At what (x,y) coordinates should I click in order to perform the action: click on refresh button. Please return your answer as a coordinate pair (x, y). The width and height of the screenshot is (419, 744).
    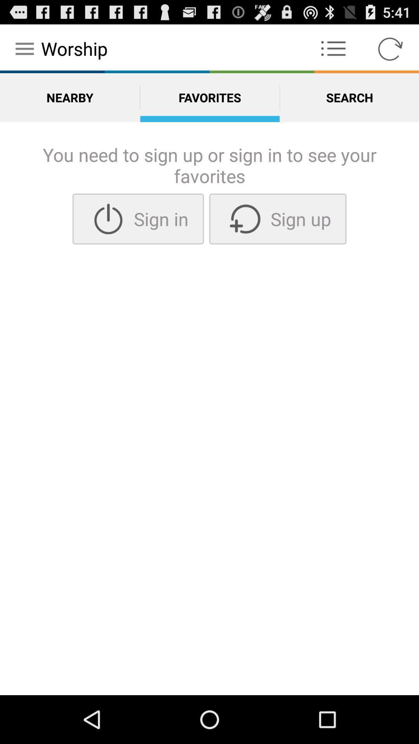
    Looking at the image, I should click on (390, 48).